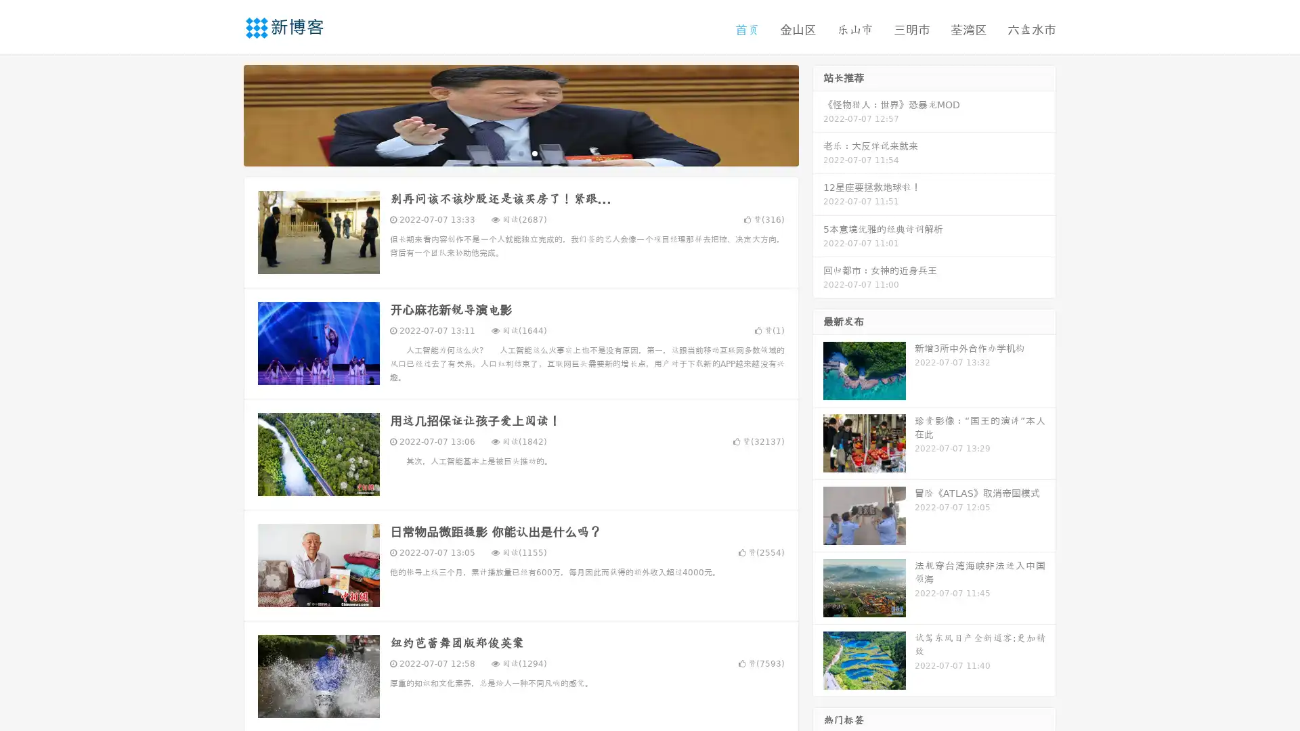 This screenshot has height=731, width=1300. I want to click on Go to slide 2, so click(520, 152).